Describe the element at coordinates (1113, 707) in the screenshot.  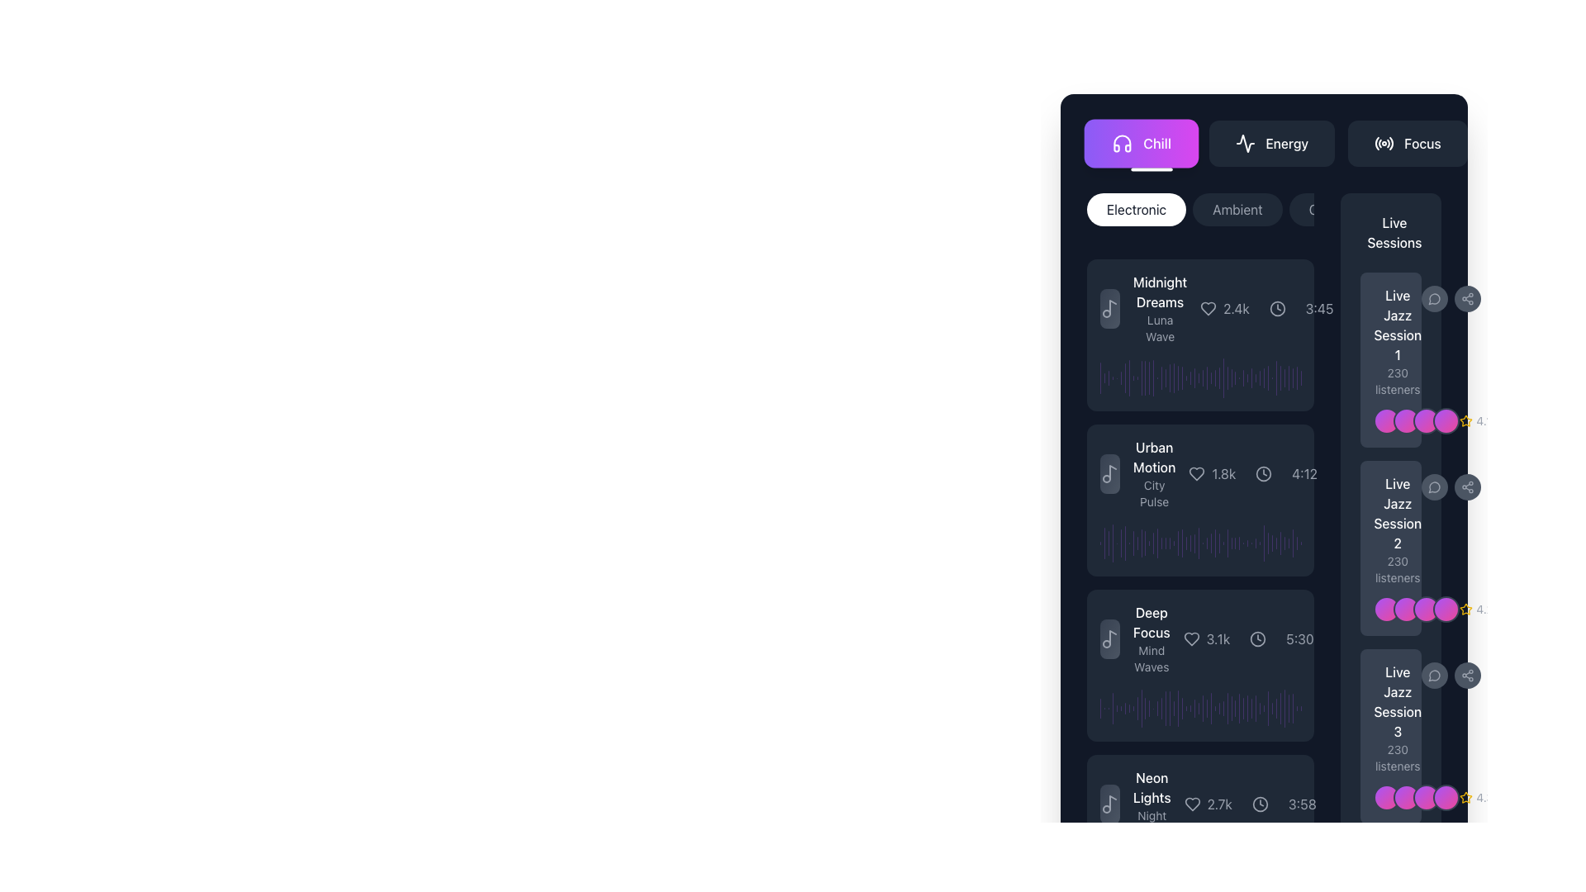
I see `the fourth vertical bar in the sequence of visual markers located near the central-right portion of the layout, adjacent to the 'Deep Focus' section` at that location.